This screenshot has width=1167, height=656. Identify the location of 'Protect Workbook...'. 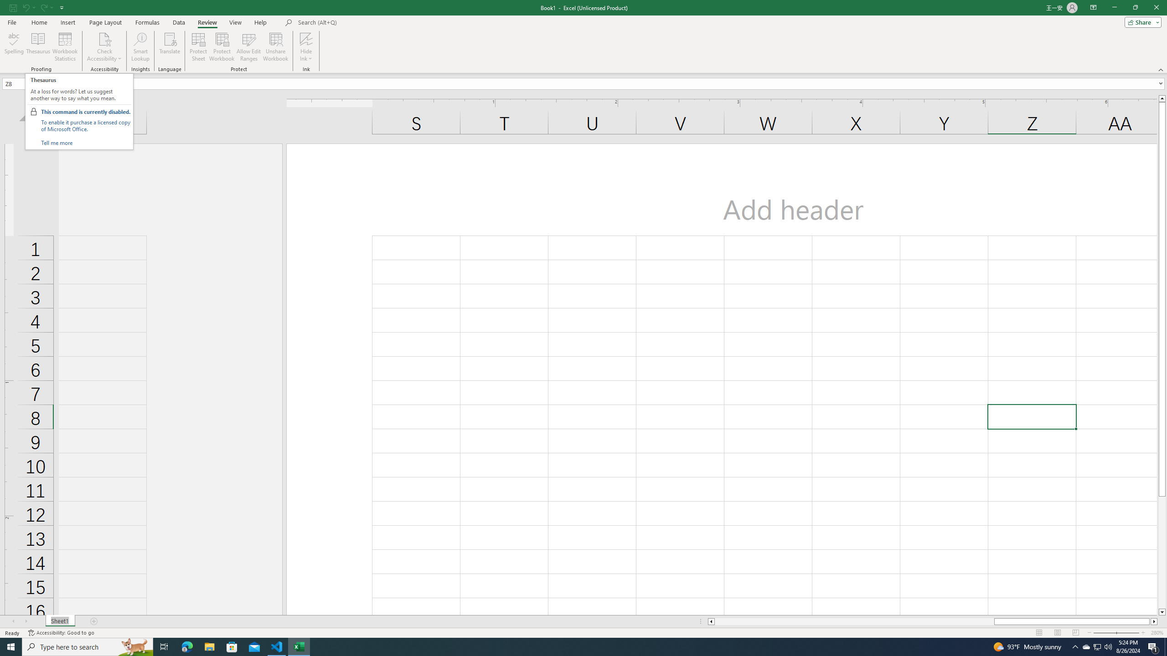
(222, 47).